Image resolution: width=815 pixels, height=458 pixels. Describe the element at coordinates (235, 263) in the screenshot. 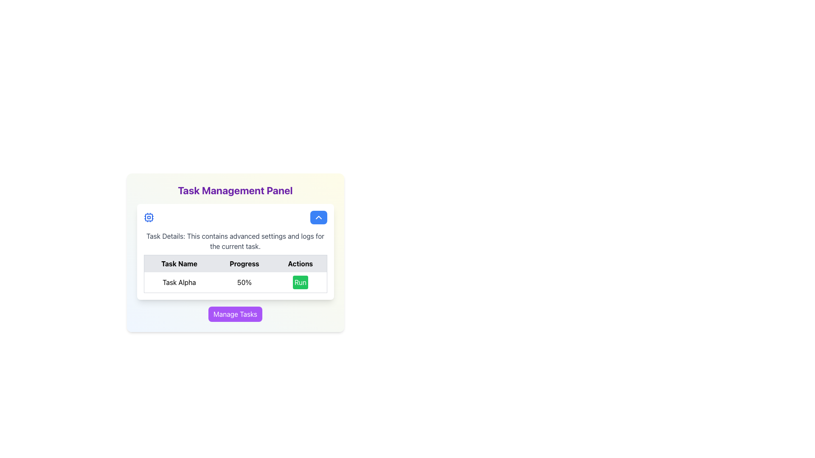

I see `the header row of the table containing 'Task Name', 'Progress', and 'Actions', which is styled with bold text on a light gray background` at that location.